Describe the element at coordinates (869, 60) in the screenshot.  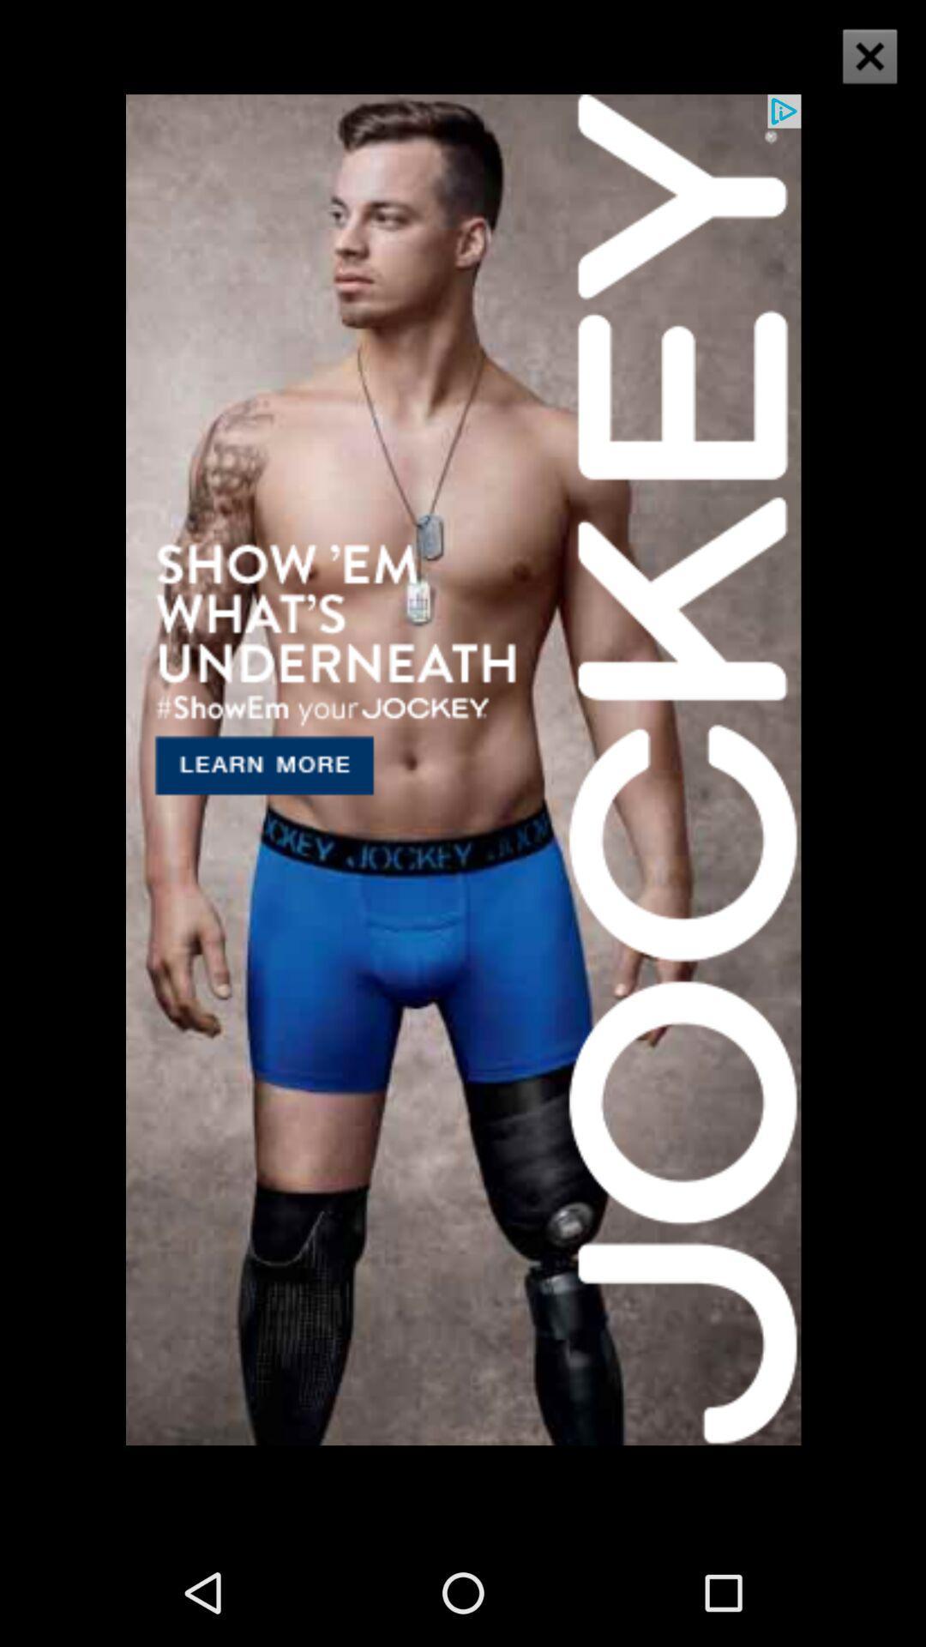
I see `the close icon` at that location.